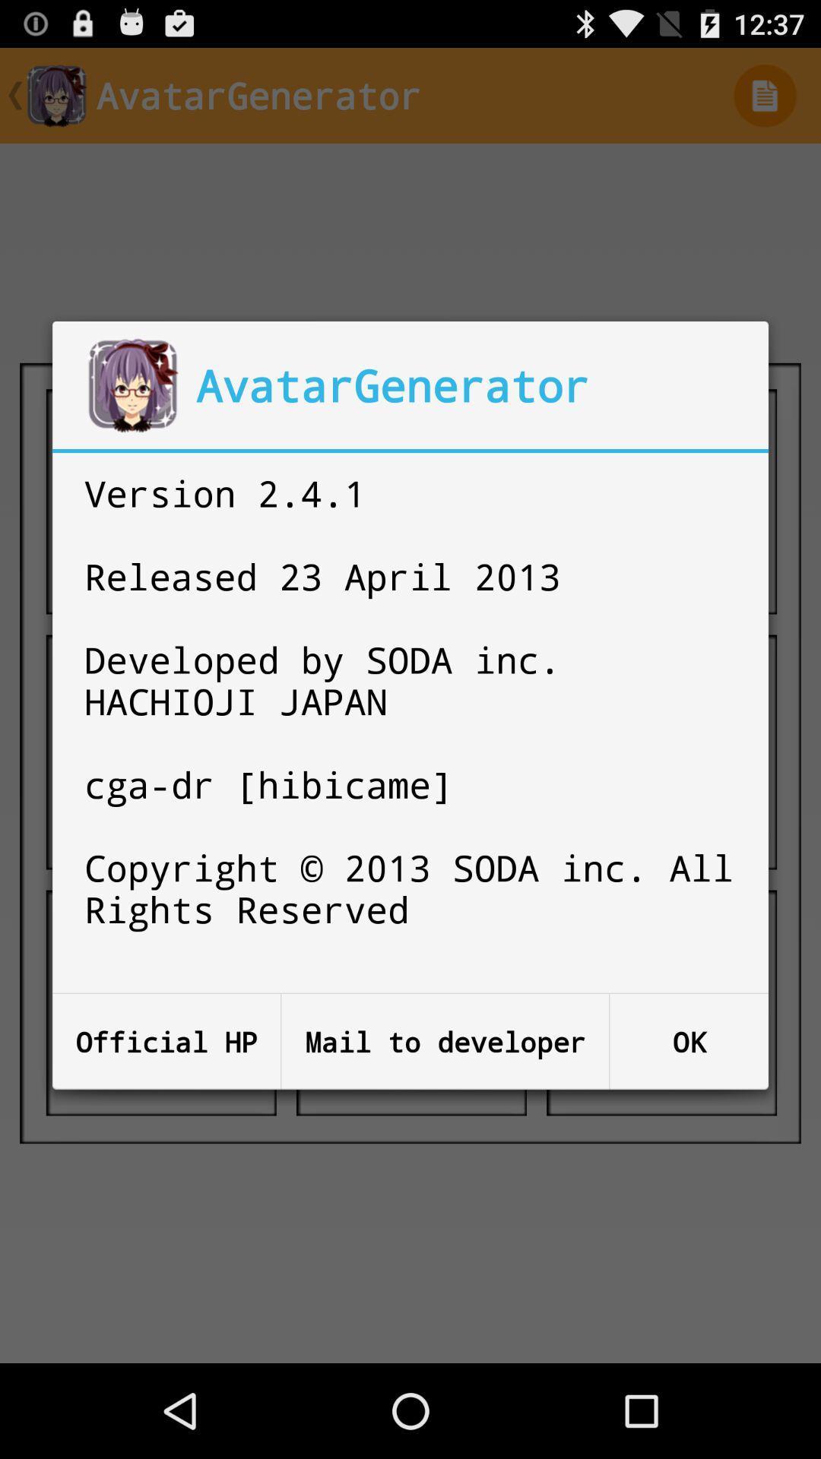 The height and width of the screenshot is (1459, 821). What do you see at coordinates (689, 1041) in the screenshot?
I see `button to the right of mail to developer` at bounding box center [689, 1041].